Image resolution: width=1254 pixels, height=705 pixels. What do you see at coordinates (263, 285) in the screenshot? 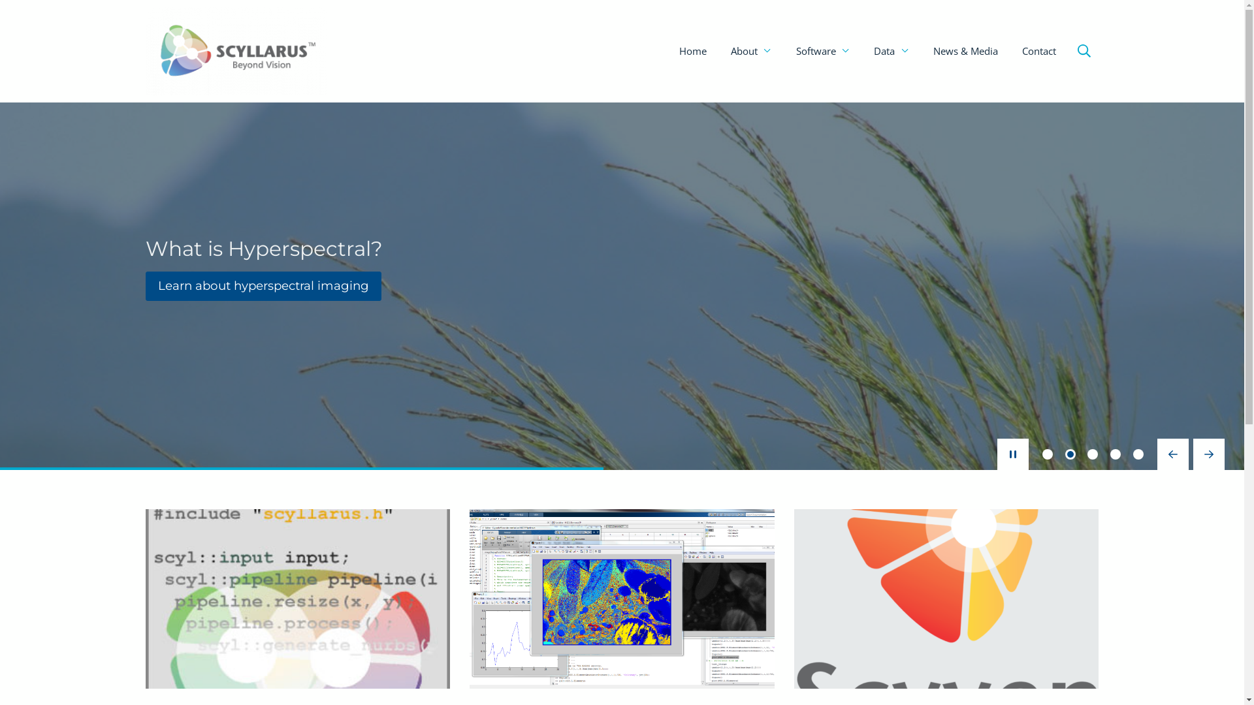
I see `'Learn about hyperspectral imaging'` at bounding box center [263, 285].